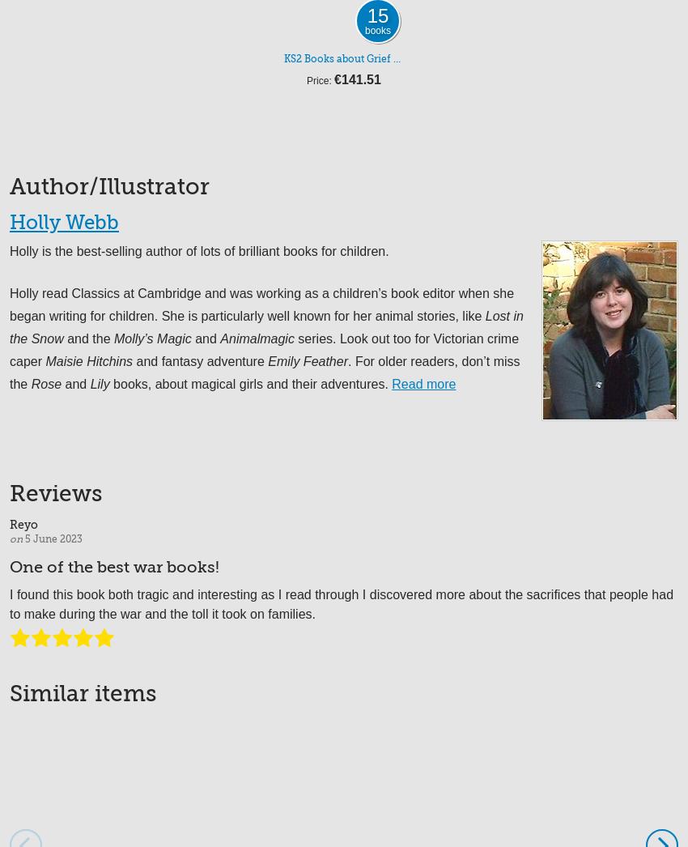 The height and width of the screenshot is (847, 688). What do you see at coordinates (114, 566) in the screenshot?
I see `'One of the best war books!'` at bounding box center [114, 566].